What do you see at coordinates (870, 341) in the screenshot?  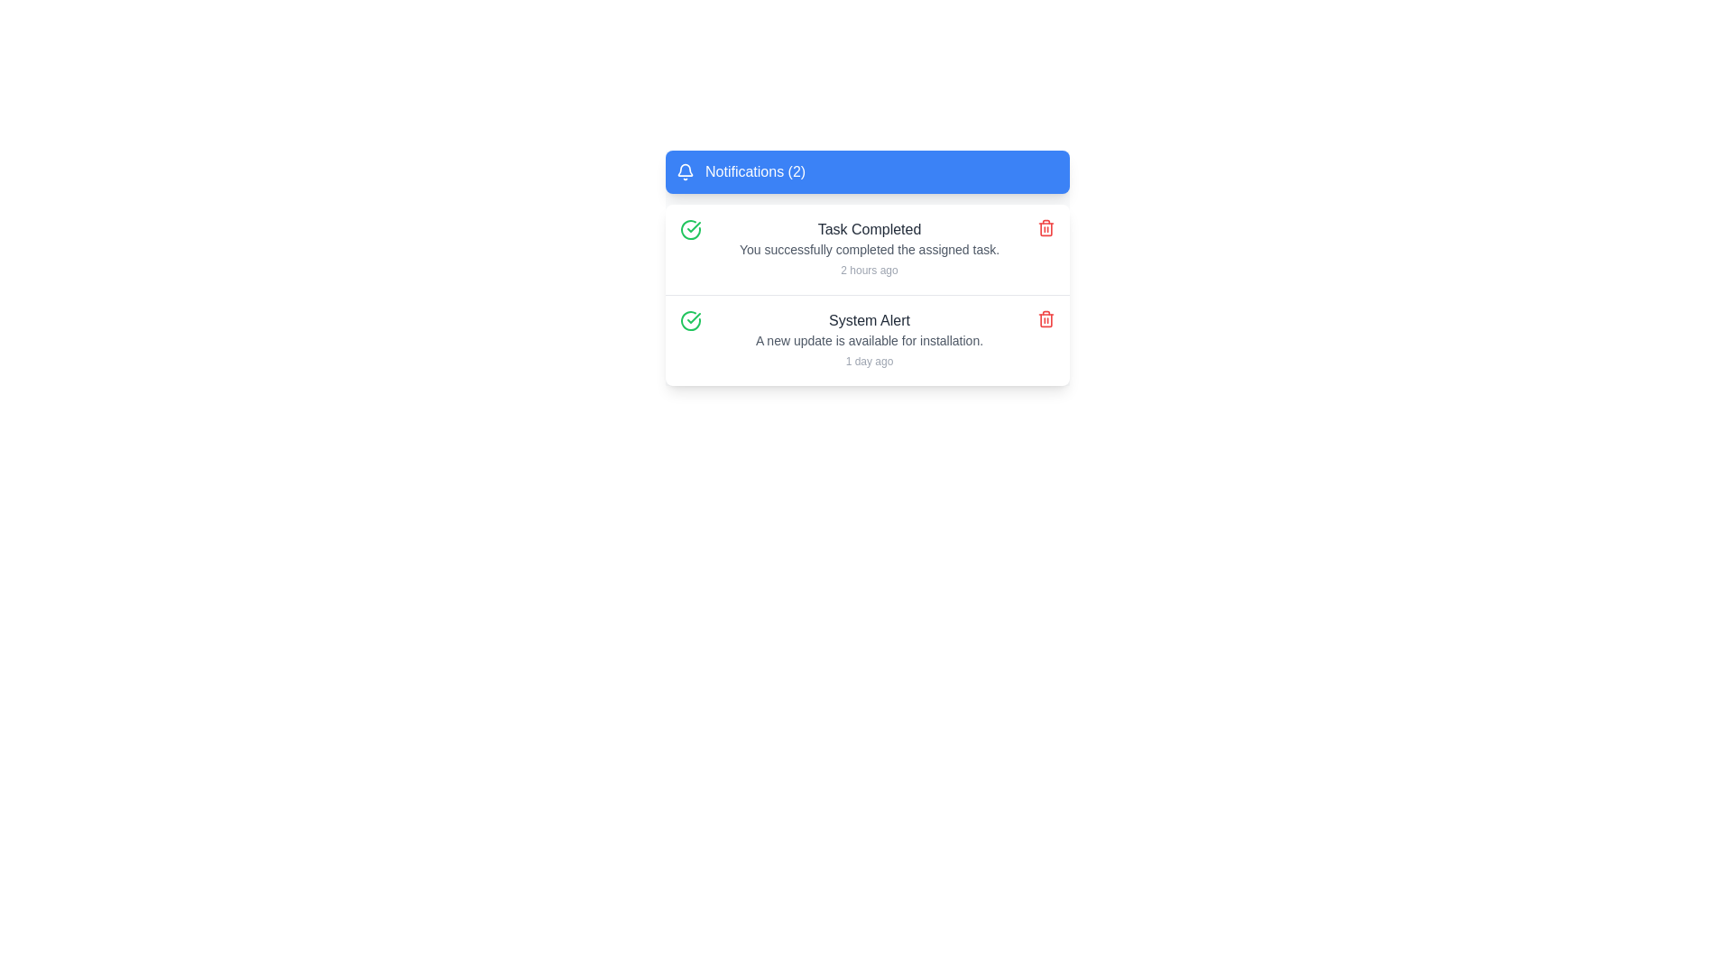 I see `the highlighted text that reads 'A new update is available for installation.' within the notification card, located below 'System Alert' and above '1 day ago'` at bounding box center [870, 341].